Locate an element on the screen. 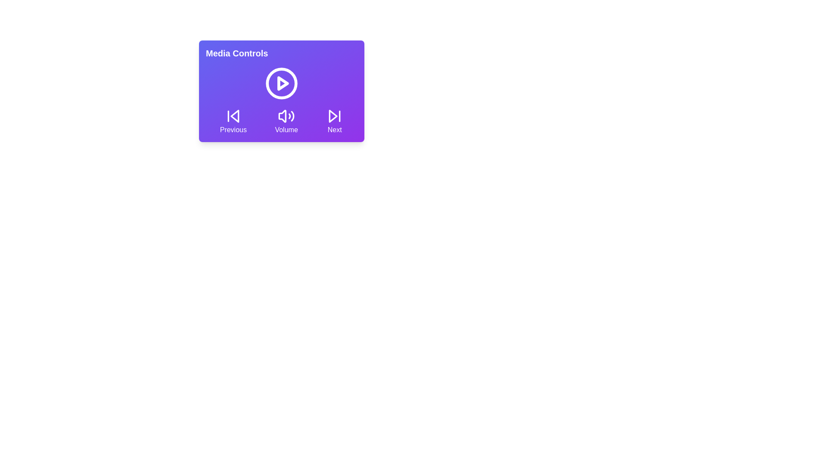 Image resolution: width=827 pixels, height=465 pixels. the play button to start playback is located at coordinates (281, 83).